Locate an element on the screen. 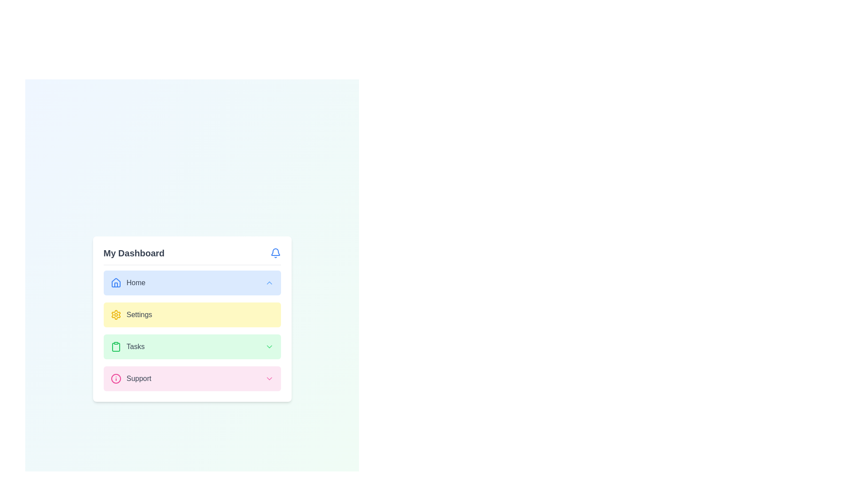 The width and height of the screenshot is (851, 479). the bell icon located to the right of the text 'My Dashboard' in the header section is located at coordinates (275, 253).